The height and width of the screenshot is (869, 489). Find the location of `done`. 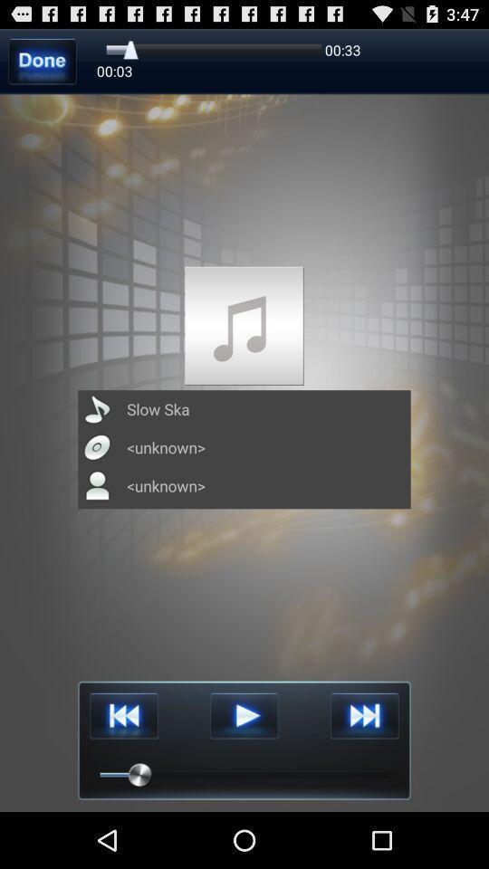

done is located at coordinates (43, 61).